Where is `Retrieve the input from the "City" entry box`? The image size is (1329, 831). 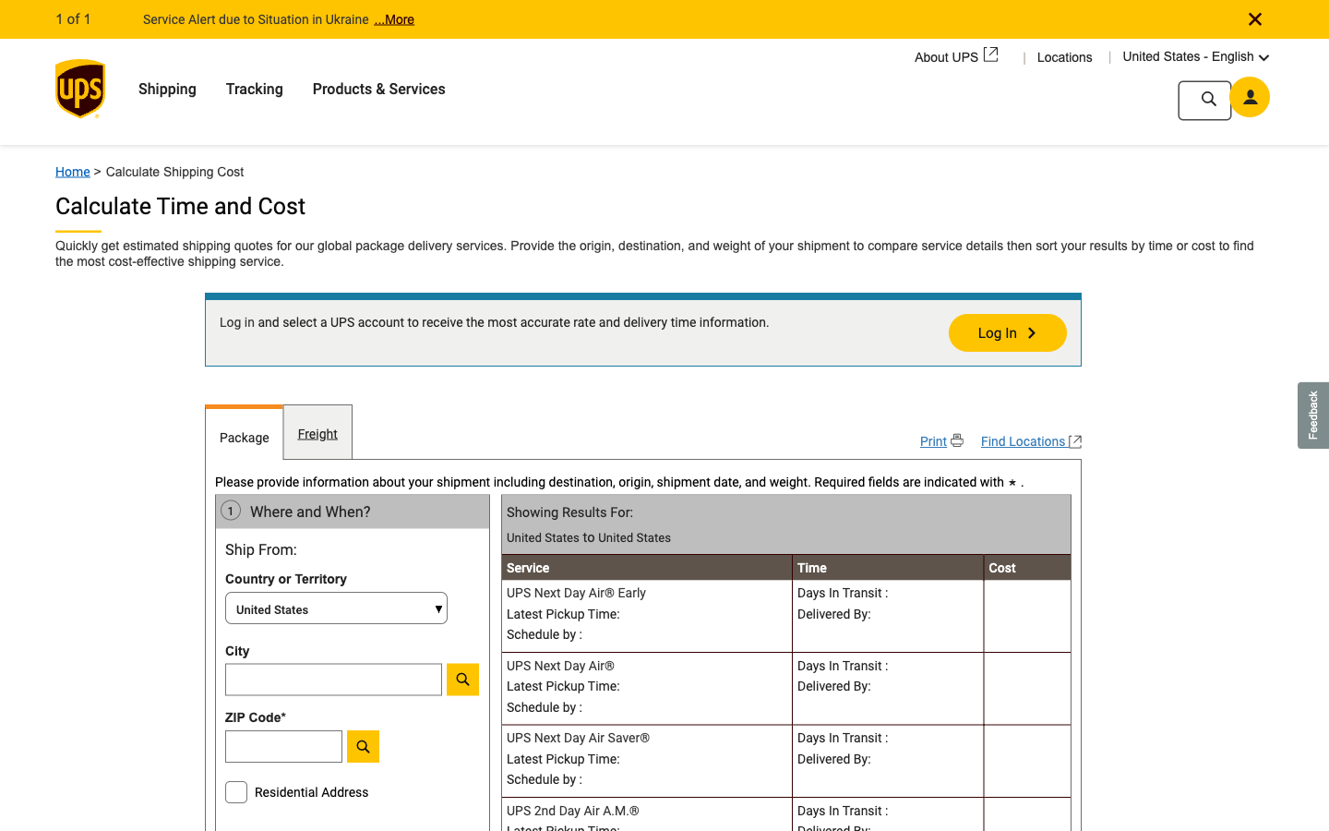 Retrieve the input from the "City" entry box is located at coordinates (335, 678).